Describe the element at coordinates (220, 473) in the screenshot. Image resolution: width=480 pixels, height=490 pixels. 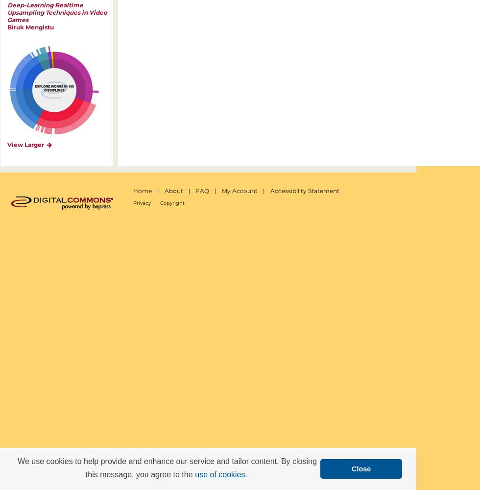
I see `'use of cookies.'` at that location.